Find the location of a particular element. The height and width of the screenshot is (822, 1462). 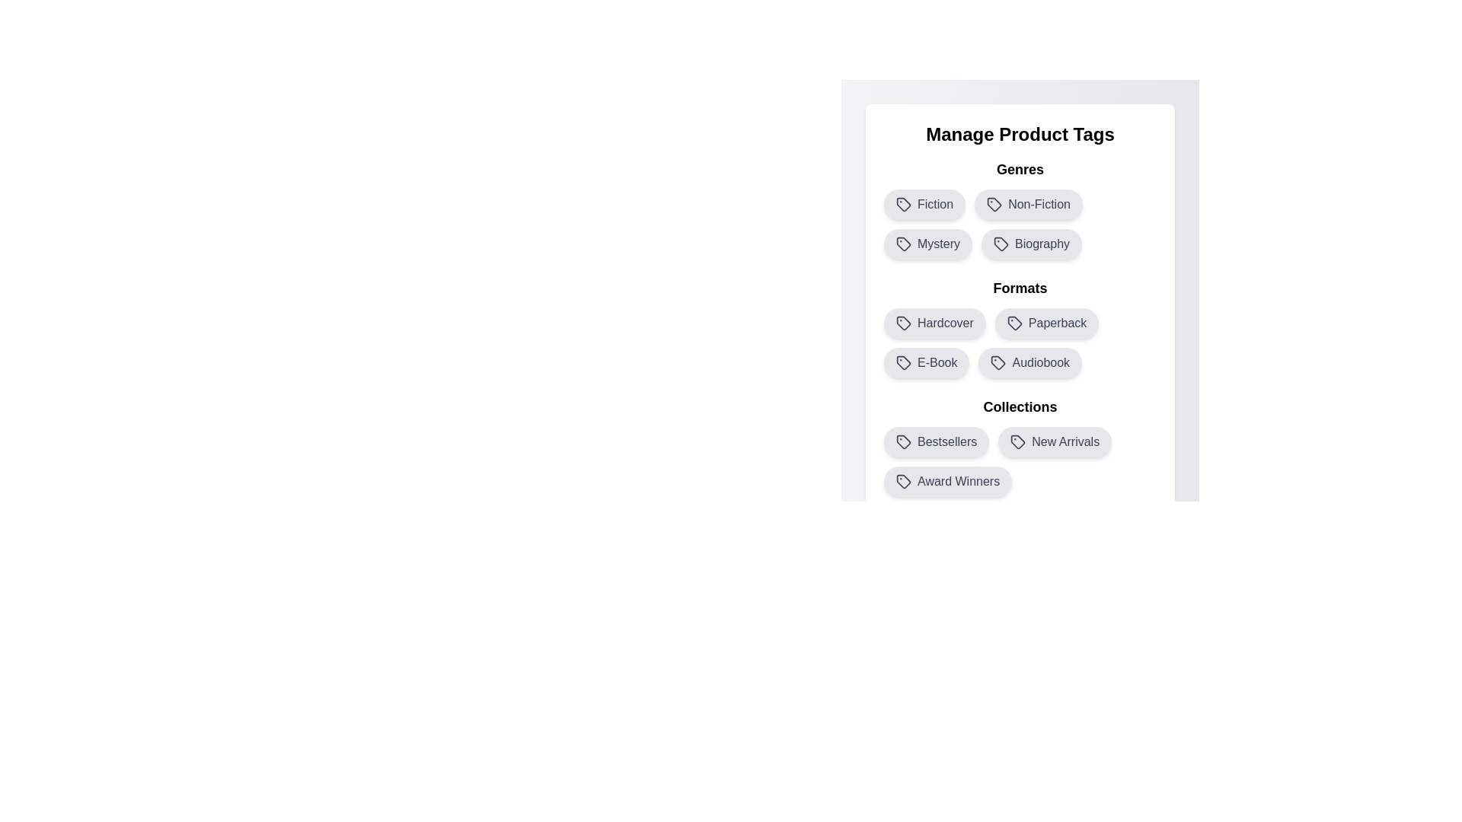

the text header labeled 'Formats', which is styled in bold black font and positioned above format options in the 'Manage Product Tags' interface is located at coordinates (1020, 288).